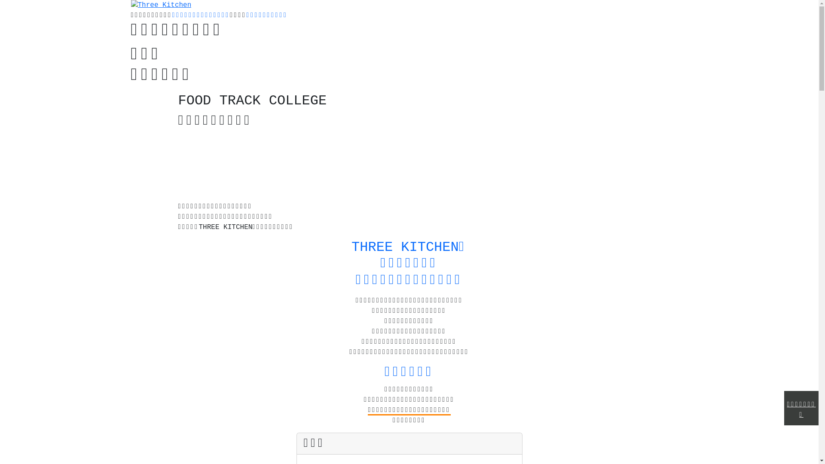 The image size is (825, 464). Describe the element at coordinates (157, 15) in the screenshot. I see `'Three Kitchen'` at that location.